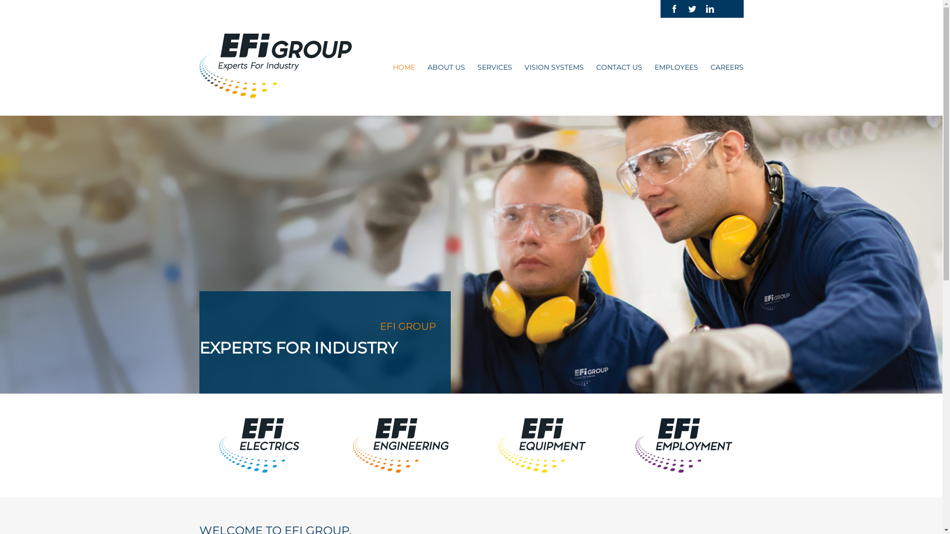 Image resolution: width=950 pixels, height=534 pixels. I want to click on 'Linkedin', so click(709, 9).